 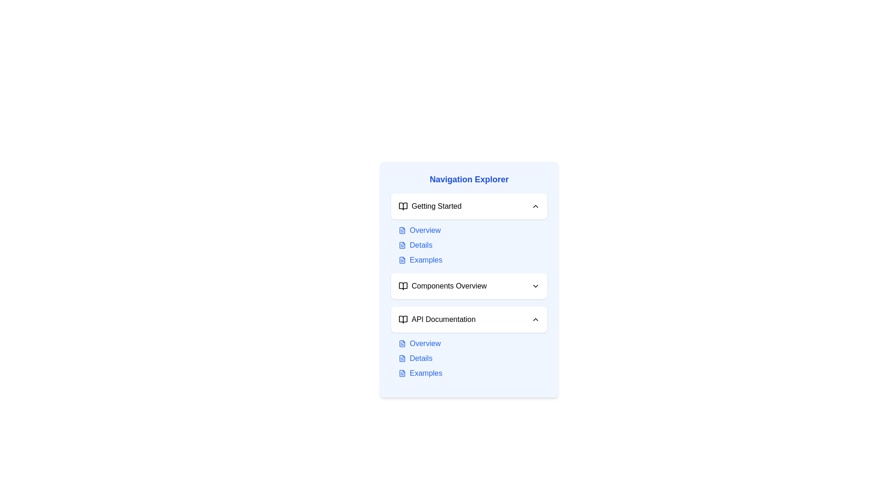 I want to click on the Navigation list entries under the 'API Documentation' section, so click(x=472, y=358).